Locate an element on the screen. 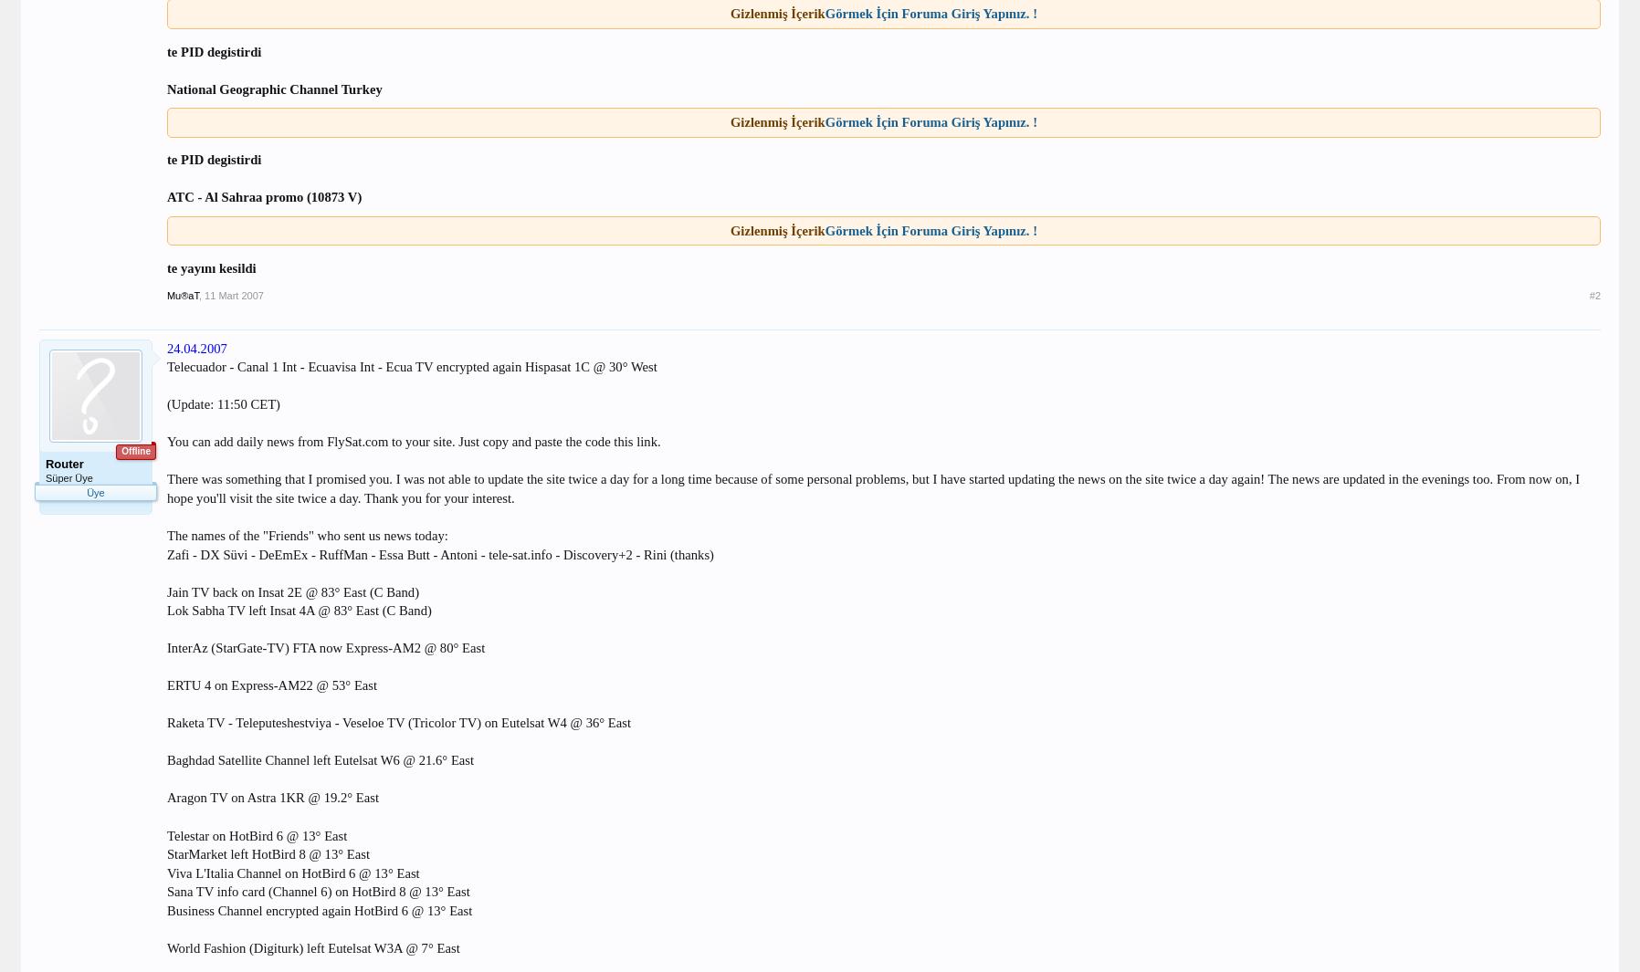 This screenshot has width=1640, height=972. 'Süper Üye' is located at coordinates (68, 476).